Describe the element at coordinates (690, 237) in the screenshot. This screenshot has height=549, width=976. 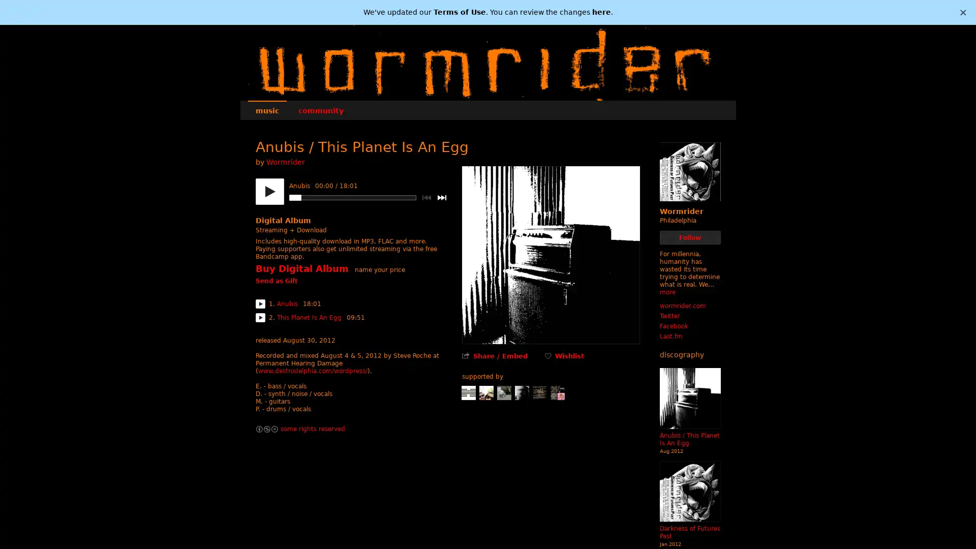
I see `Follow` at that location.